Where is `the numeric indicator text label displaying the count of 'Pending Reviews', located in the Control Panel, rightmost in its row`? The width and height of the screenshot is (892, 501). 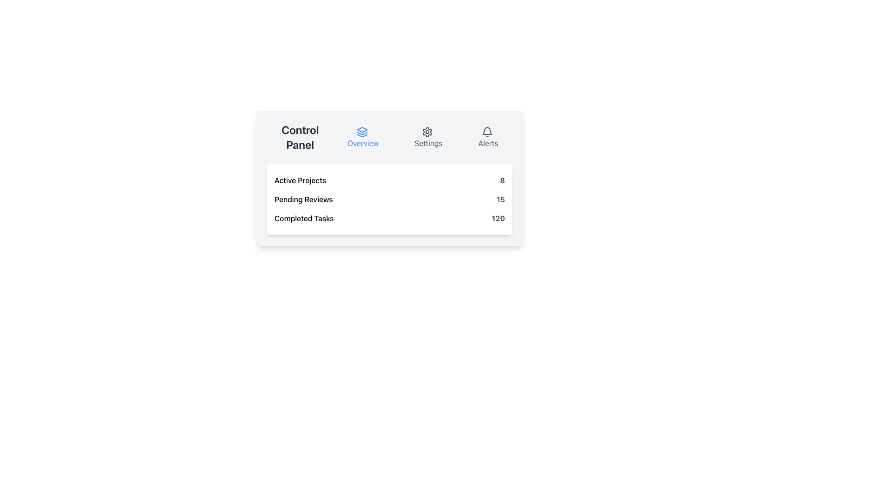
the numeric indicator text label displaying the count of 'Pending Reviews', located in the Control Panel, rightmost in its row is located at coordinates (500, 199).